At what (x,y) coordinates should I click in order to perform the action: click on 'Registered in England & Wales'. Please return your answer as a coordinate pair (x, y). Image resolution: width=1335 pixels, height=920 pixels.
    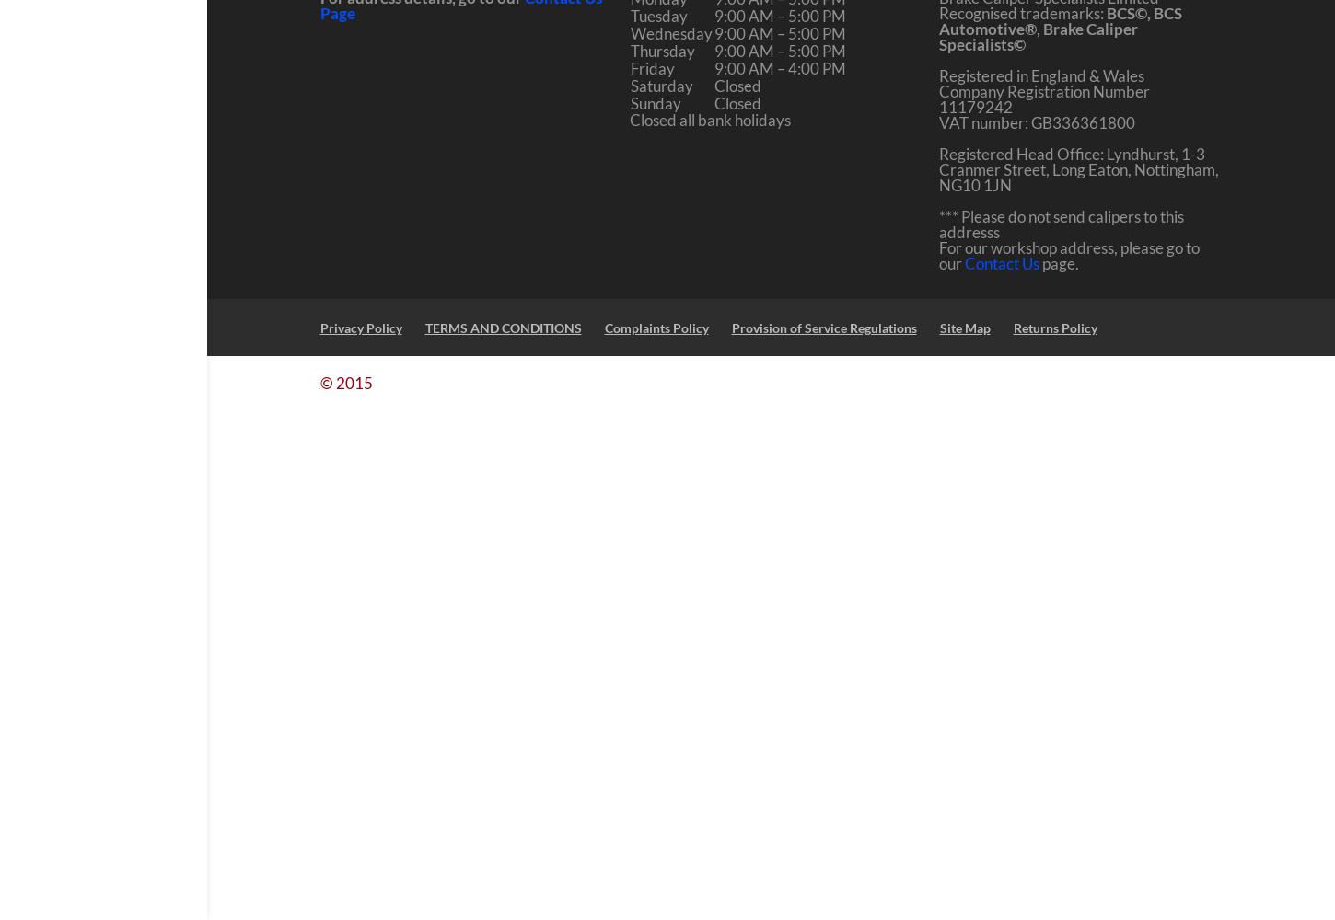
    Looking at the image, I should click on (938, 75).